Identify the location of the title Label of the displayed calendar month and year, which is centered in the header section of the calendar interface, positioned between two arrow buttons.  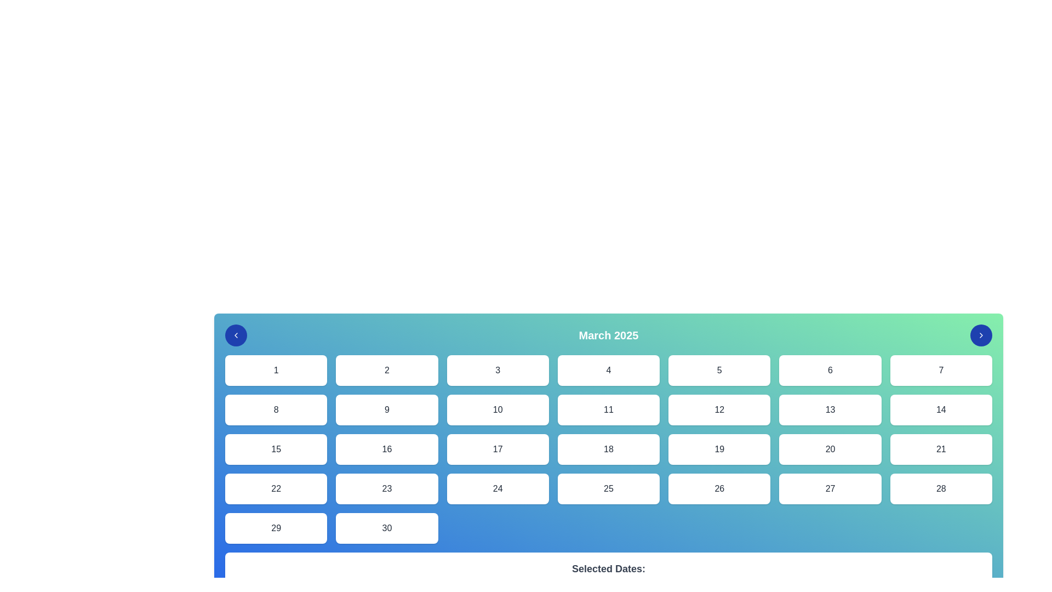
(608, 335).